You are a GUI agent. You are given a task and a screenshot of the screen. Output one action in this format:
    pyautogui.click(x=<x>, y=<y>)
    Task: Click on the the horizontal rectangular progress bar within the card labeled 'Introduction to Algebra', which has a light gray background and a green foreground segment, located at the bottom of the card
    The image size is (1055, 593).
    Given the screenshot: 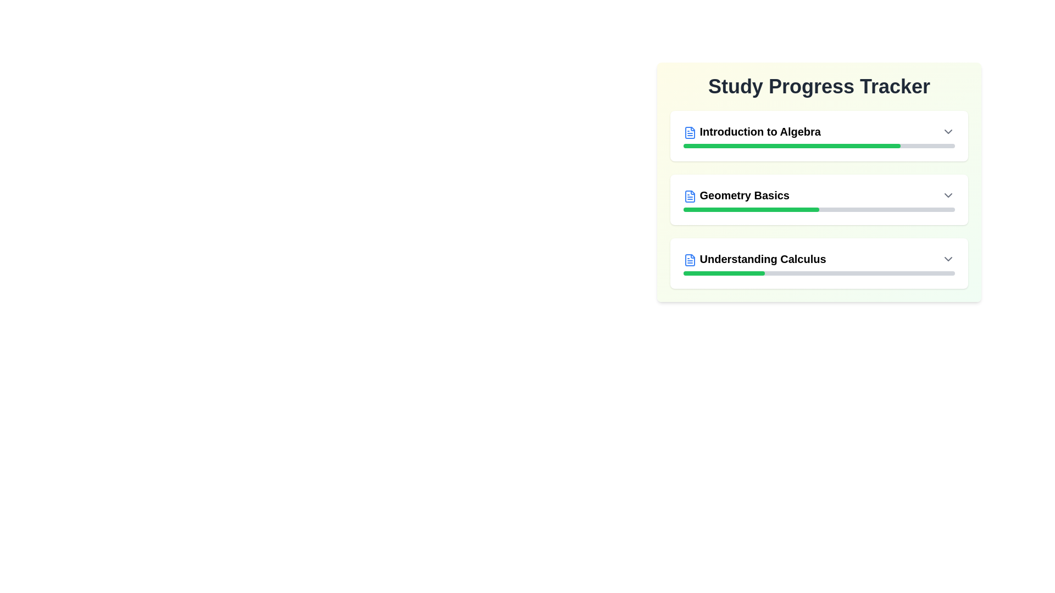 What is the action you would take?
    pyautogui.click(x=819, y=146)
    